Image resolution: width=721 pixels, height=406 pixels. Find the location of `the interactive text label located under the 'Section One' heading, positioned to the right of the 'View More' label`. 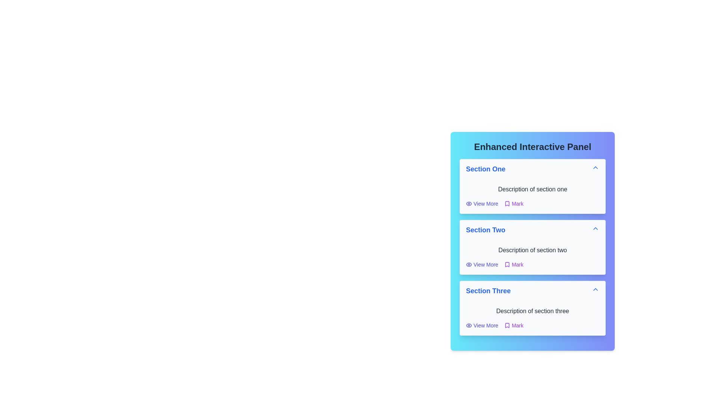

the interactive text label located under the 'Section One' heading, positioned to the right of the 'View More' label is located at coordinates (513, 204).